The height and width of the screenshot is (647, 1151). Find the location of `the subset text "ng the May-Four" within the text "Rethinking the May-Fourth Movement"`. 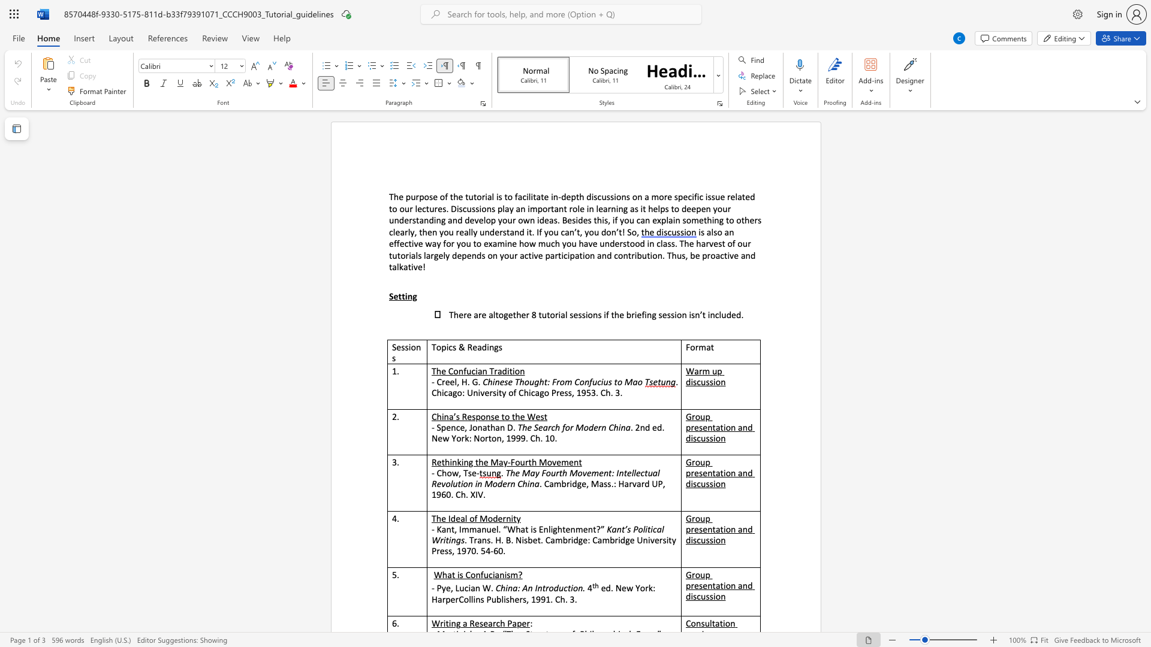

the subset text "ng the May-Four" within the text "Rethinking the May-Fourth Movement" is located at coordinates (463, 461).